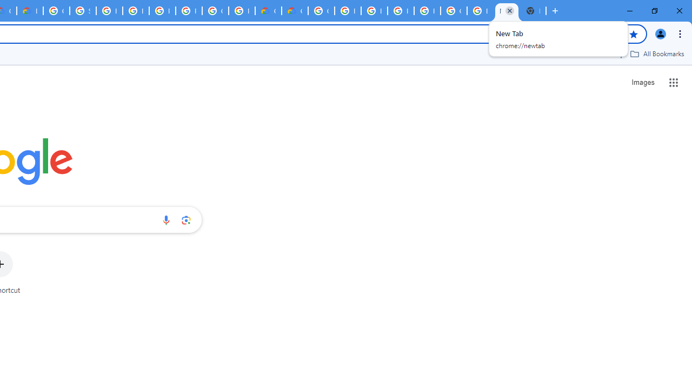 This screenshot has width=692, height=389. What do you see at coordinates (135, 11) in the screenshot?
I see `'Browse Chrome as a guest - Computer - Google Chrome Help'` at bounding box center [135, 11].